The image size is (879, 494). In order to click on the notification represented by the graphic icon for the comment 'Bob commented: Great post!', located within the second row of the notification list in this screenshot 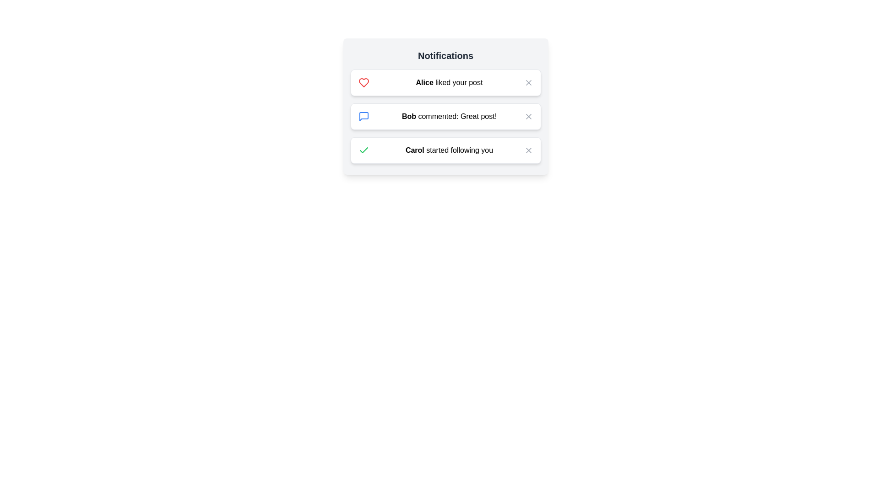, I will do `click(363, 116)`.